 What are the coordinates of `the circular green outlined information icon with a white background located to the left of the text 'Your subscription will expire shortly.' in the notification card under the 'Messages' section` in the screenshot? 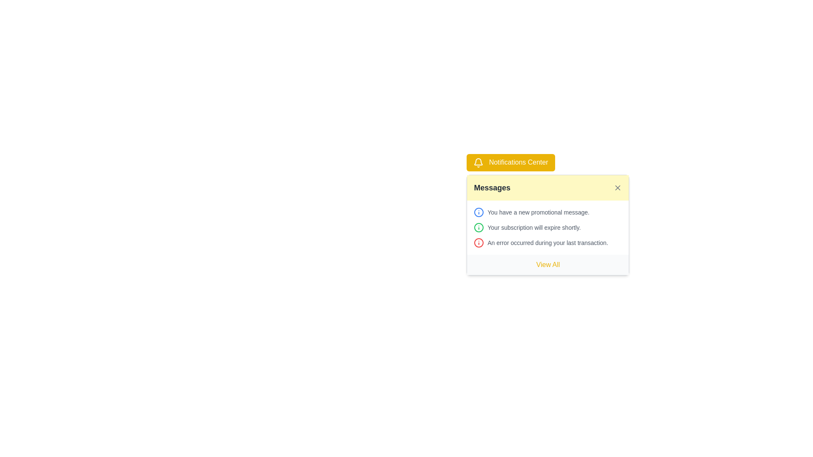 It's located at (479, 227).